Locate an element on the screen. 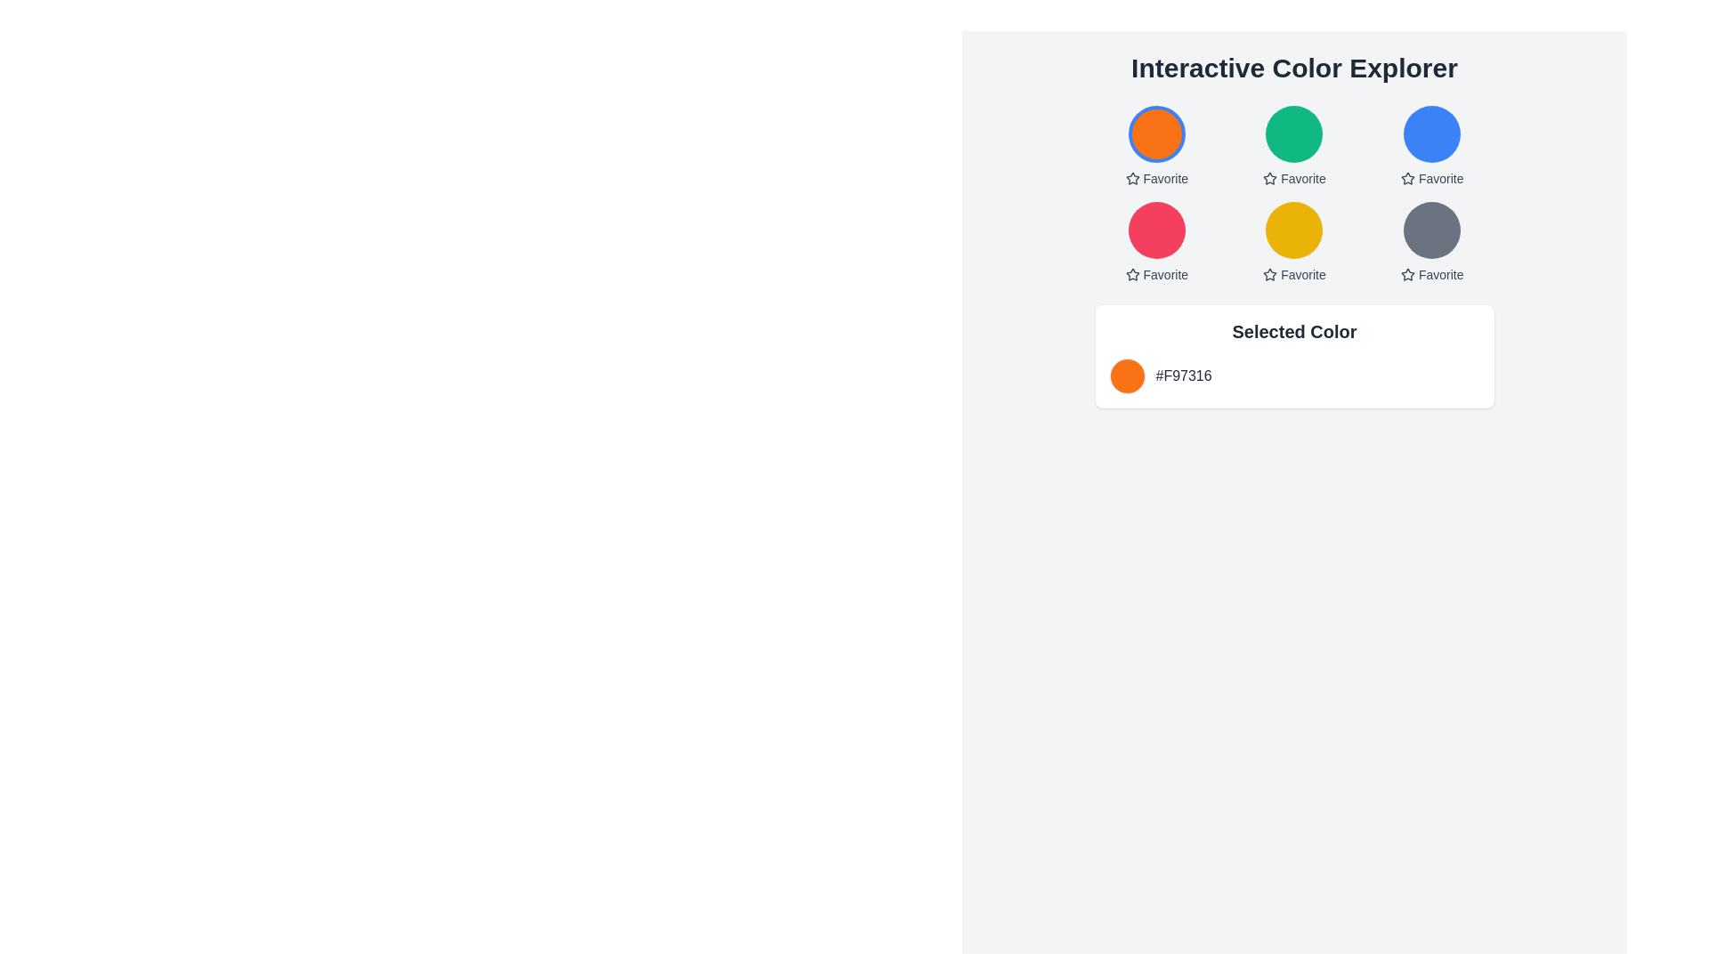 This screenshot has height=961, width=1709. the blue circle on the third Interactive Card in the top row of the grid layout is located at coordinates (1432, 146).